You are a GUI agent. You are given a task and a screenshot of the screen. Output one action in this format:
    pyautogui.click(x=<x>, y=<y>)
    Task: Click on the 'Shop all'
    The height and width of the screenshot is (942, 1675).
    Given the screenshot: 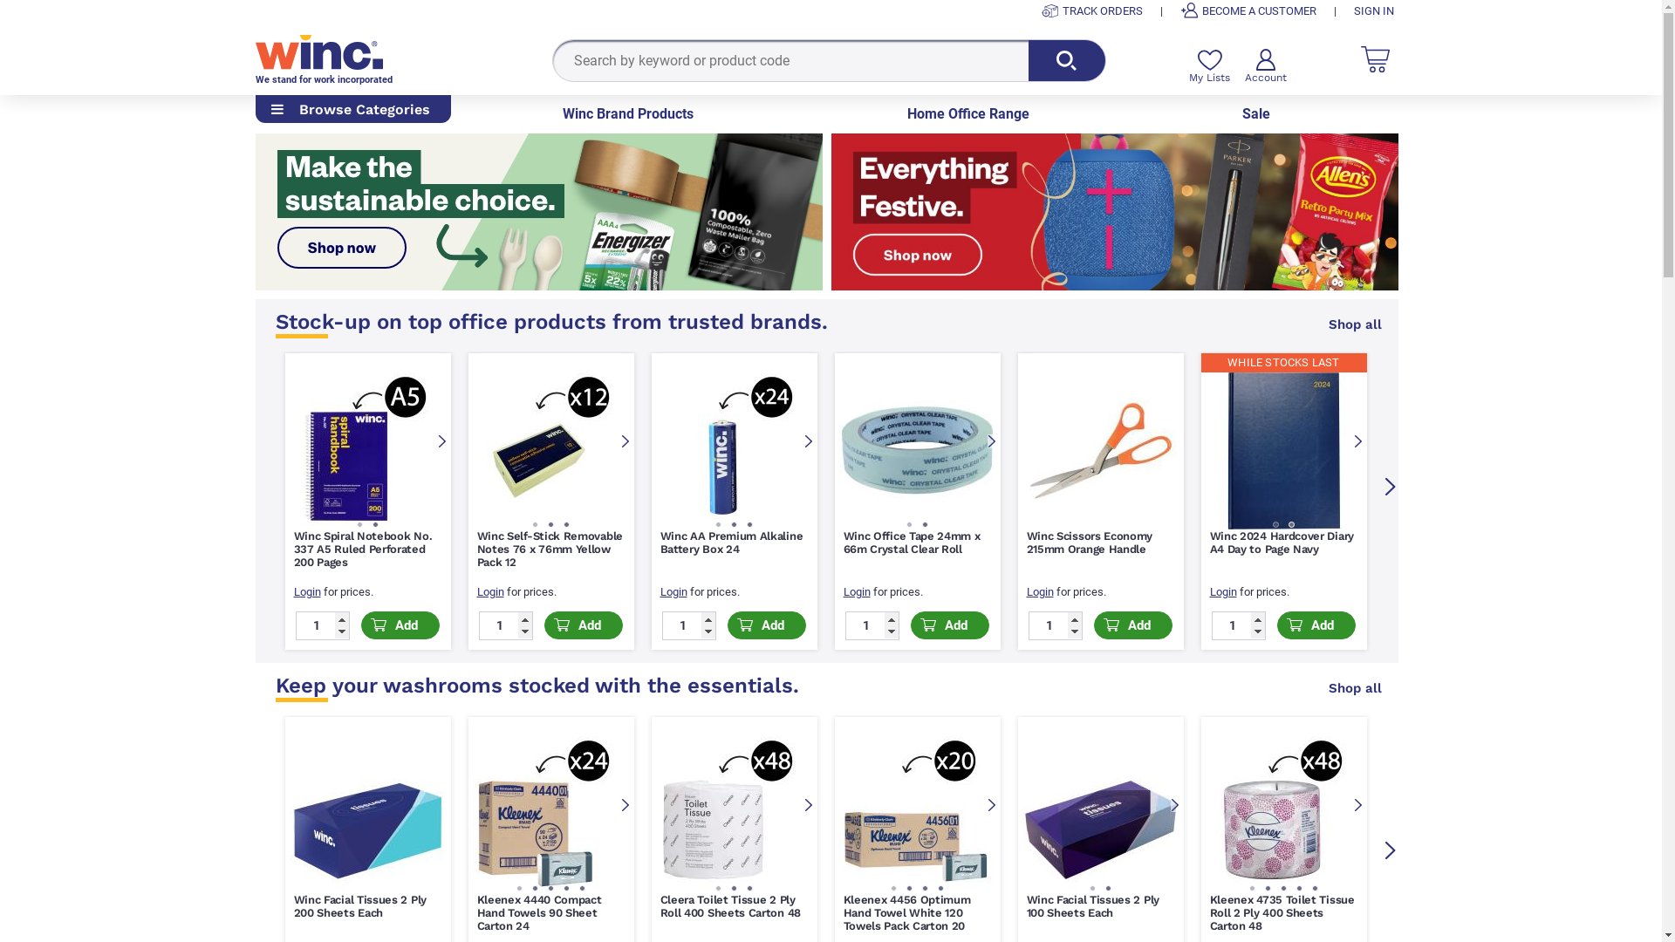 What is the action you would take?
    pyautogui.click(x=1354, y=324)
    